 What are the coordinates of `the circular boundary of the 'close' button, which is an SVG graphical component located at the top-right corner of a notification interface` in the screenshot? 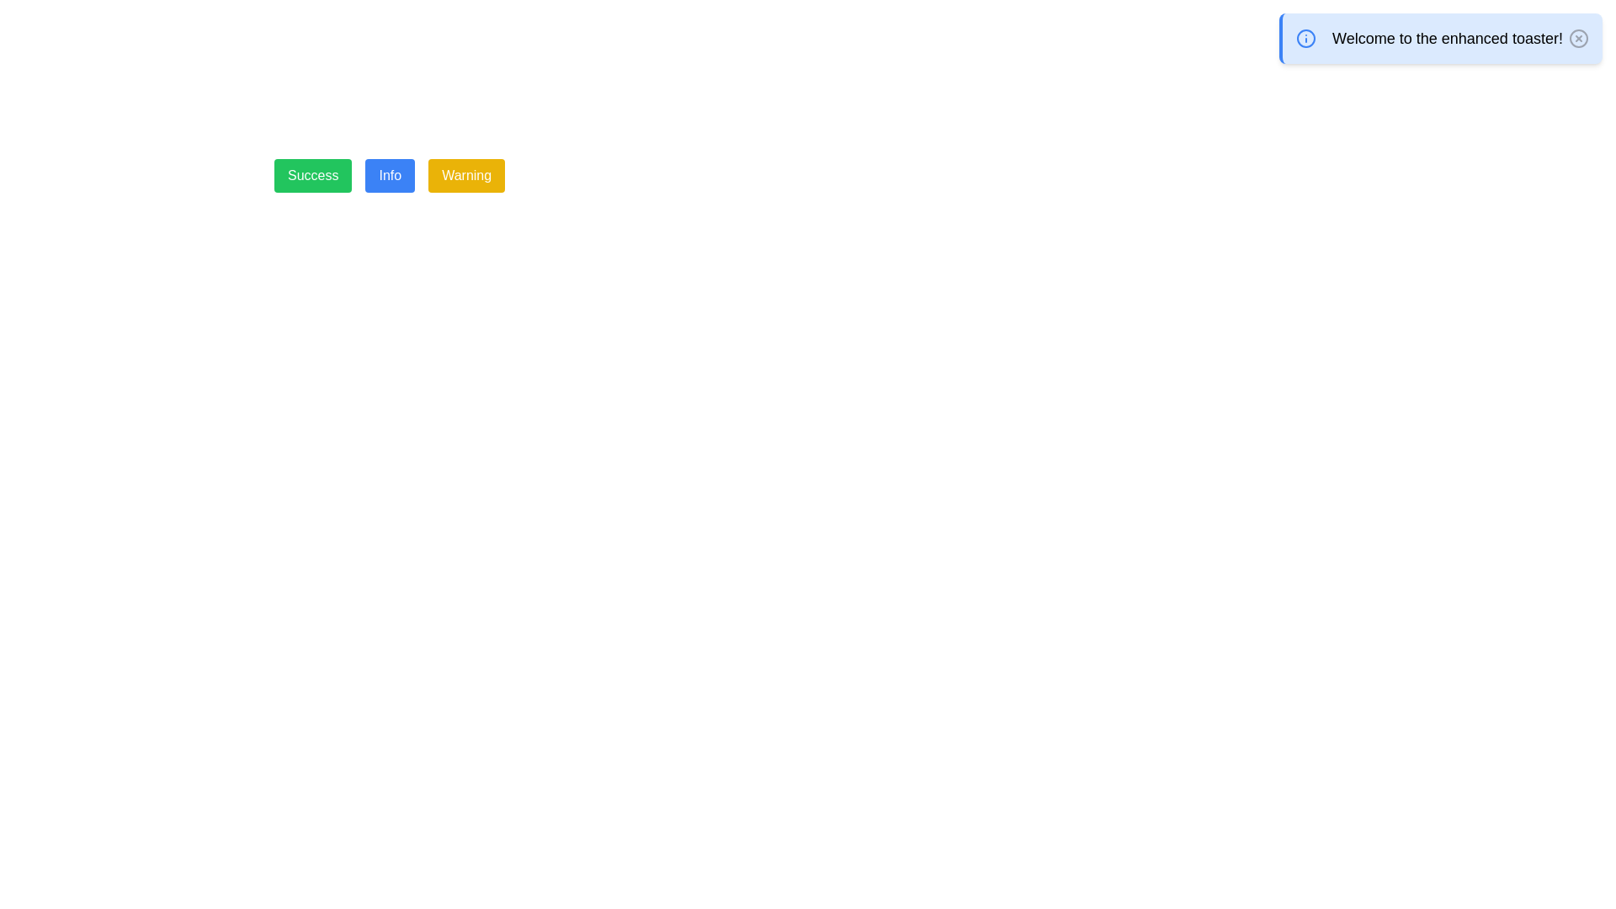 It's located at (1578, 38).